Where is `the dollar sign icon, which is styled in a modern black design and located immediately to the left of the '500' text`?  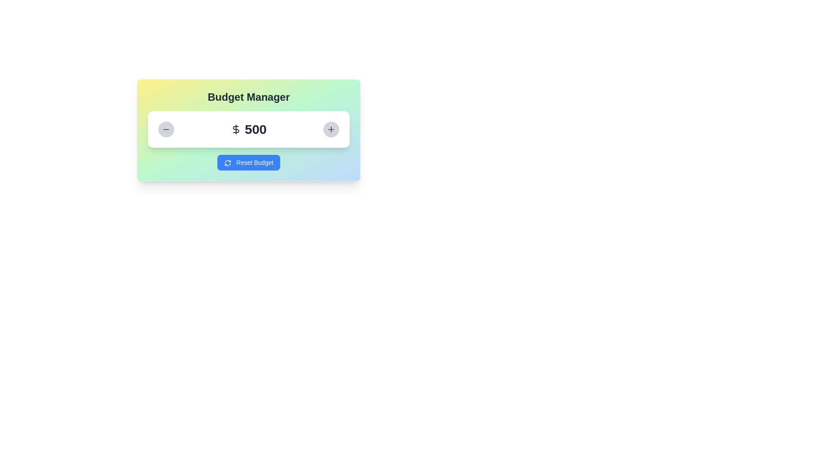 the dollar sign icon, which is styled in a modern black design and located immediately to the left of the '500' text is located at coordinates (236, 130).